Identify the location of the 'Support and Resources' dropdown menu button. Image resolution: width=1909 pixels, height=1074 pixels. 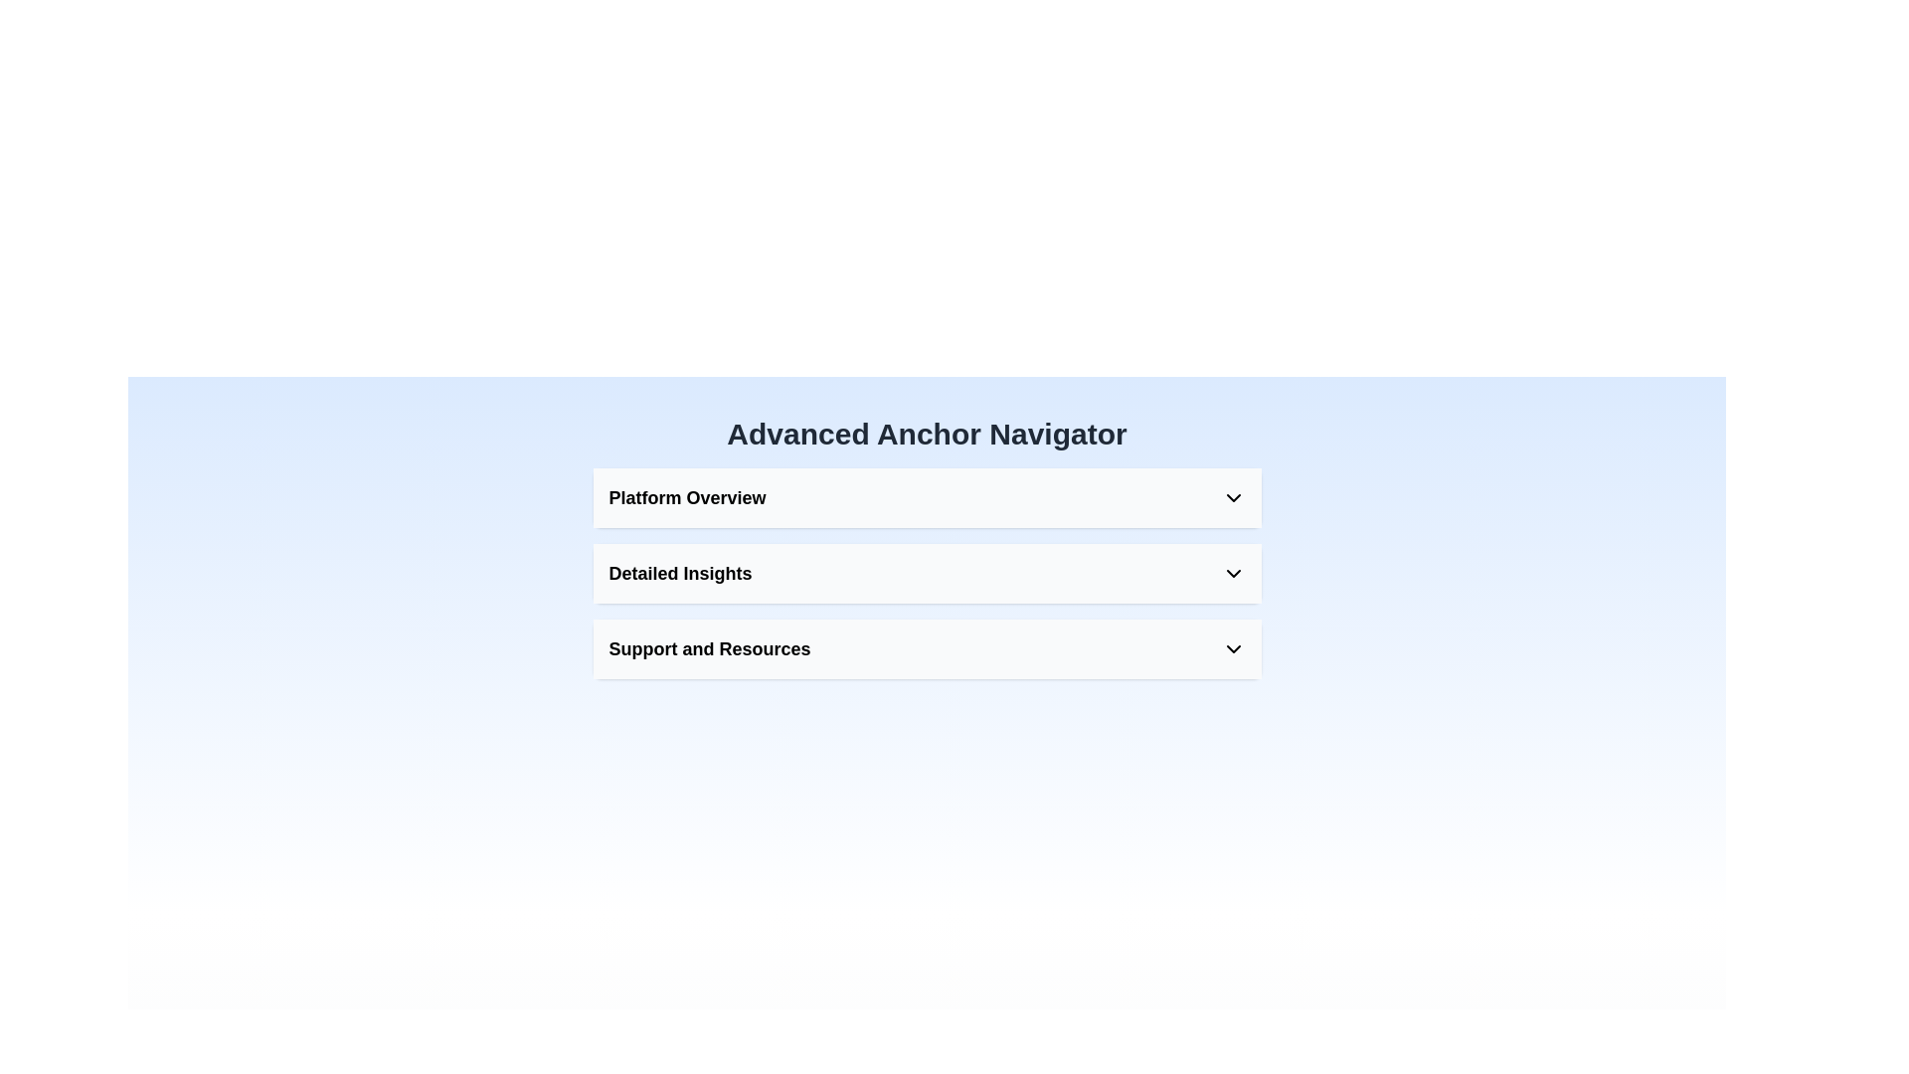
(926, 648).